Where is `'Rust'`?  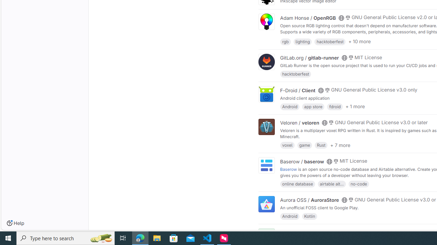 'Rust' is located at coordinates (321, 145).